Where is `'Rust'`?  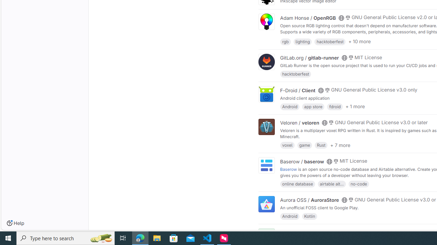 'Rust' is located at coordinates (321, 145).